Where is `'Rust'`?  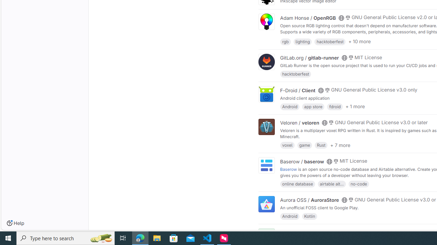 'Rust' is located at coordinates (321, 145).